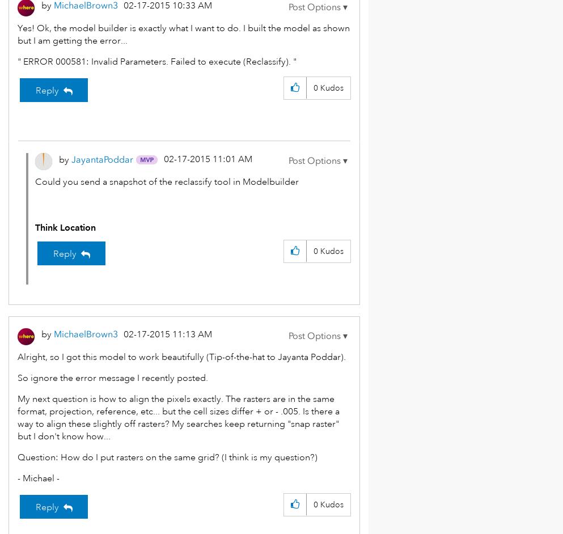 The width and height of the screenshot is (563, 534). What do you see at coordinates (167, 457) in the screenshot?
I see `'Question: How do I put rasters on the same grid? (I think is my question?)'` at bounding box center [167, 457].